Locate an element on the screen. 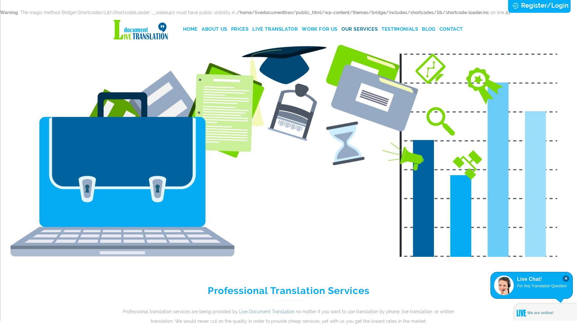  'Professional Translation Services' is located at coordinates (288, 290).